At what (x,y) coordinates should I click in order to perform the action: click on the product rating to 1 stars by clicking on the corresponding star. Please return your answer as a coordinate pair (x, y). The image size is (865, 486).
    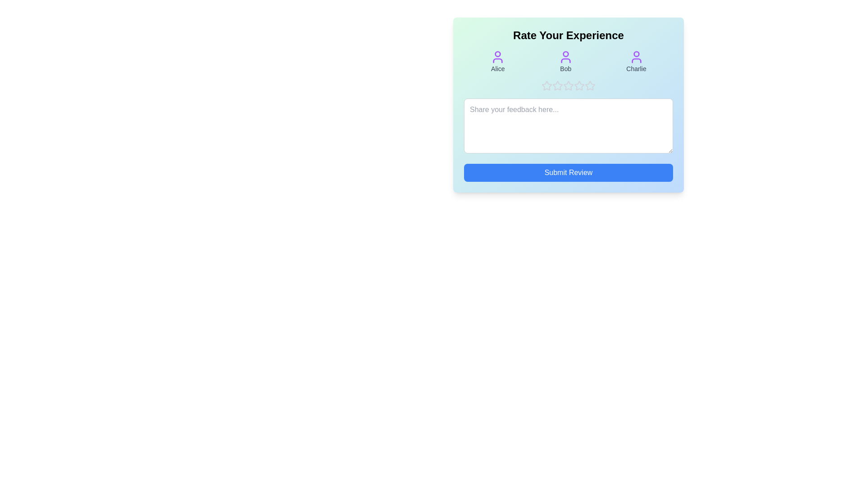
    Looking at the image, I should click on (546, 86).